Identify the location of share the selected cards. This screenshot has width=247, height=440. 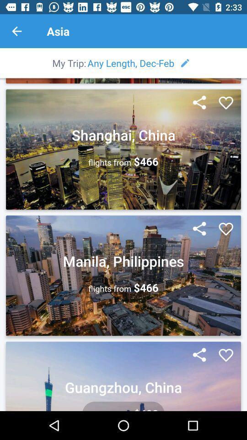
(199, 103).